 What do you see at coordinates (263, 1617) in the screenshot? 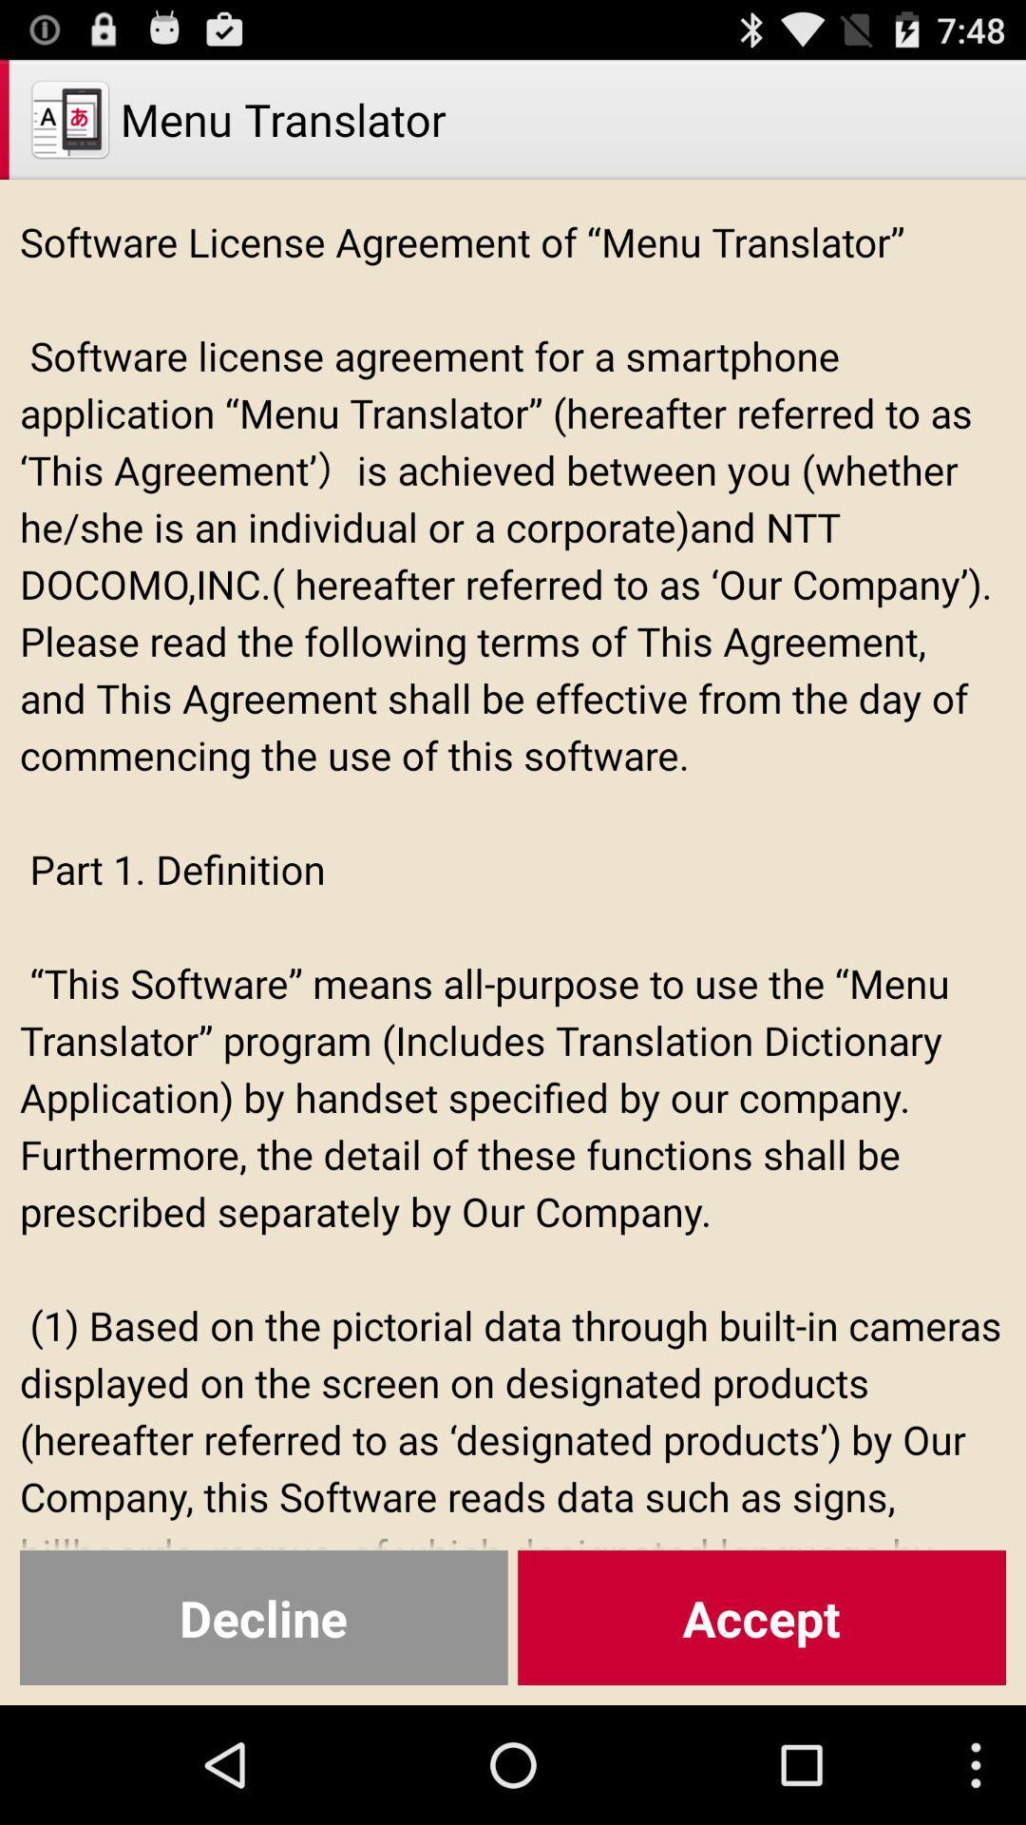
I see `the decline at the bottom left corner` at bounding box center [263, 1617].